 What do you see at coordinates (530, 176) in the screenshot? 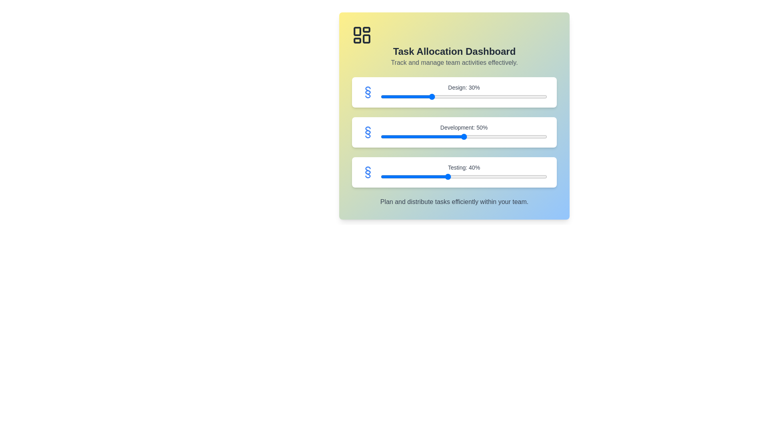
I see `the 'Testing' slider to 90%` at bounding box center [530, 176].